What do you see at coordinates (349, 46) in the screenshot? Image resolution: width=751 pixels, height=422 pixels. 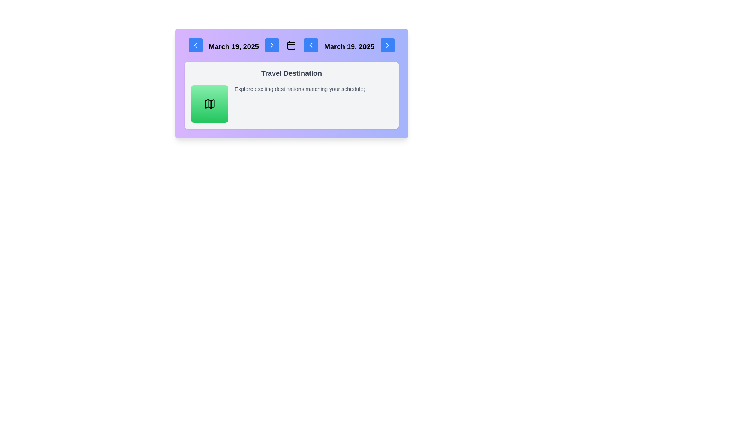 I see `the static text display that shows the currently selected date, located in the header section between two arrow icon buttons` at bounding box center [349, 46].